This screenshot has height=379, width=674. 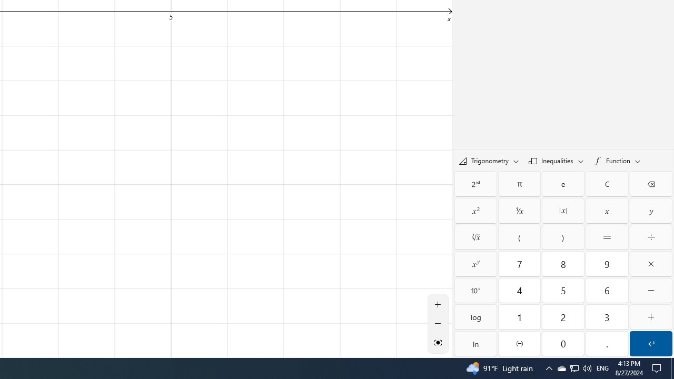 What do you see at coordinates (562, 183) in the screenshot?
I see `'Euler'` at bounding box center [562, 183].